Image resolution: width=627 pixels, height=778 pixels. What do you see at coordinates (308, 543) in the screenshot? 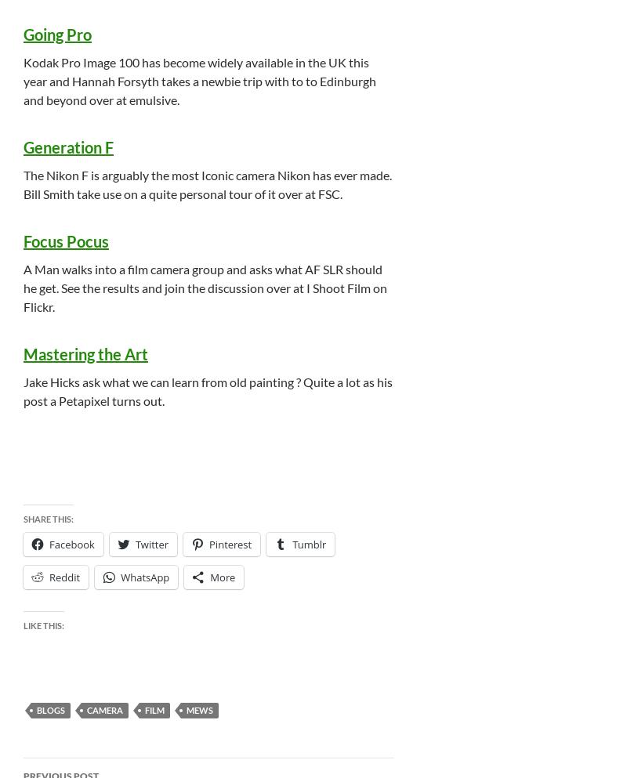
I see `'Tumblr'` at bounding box center [308, 543].